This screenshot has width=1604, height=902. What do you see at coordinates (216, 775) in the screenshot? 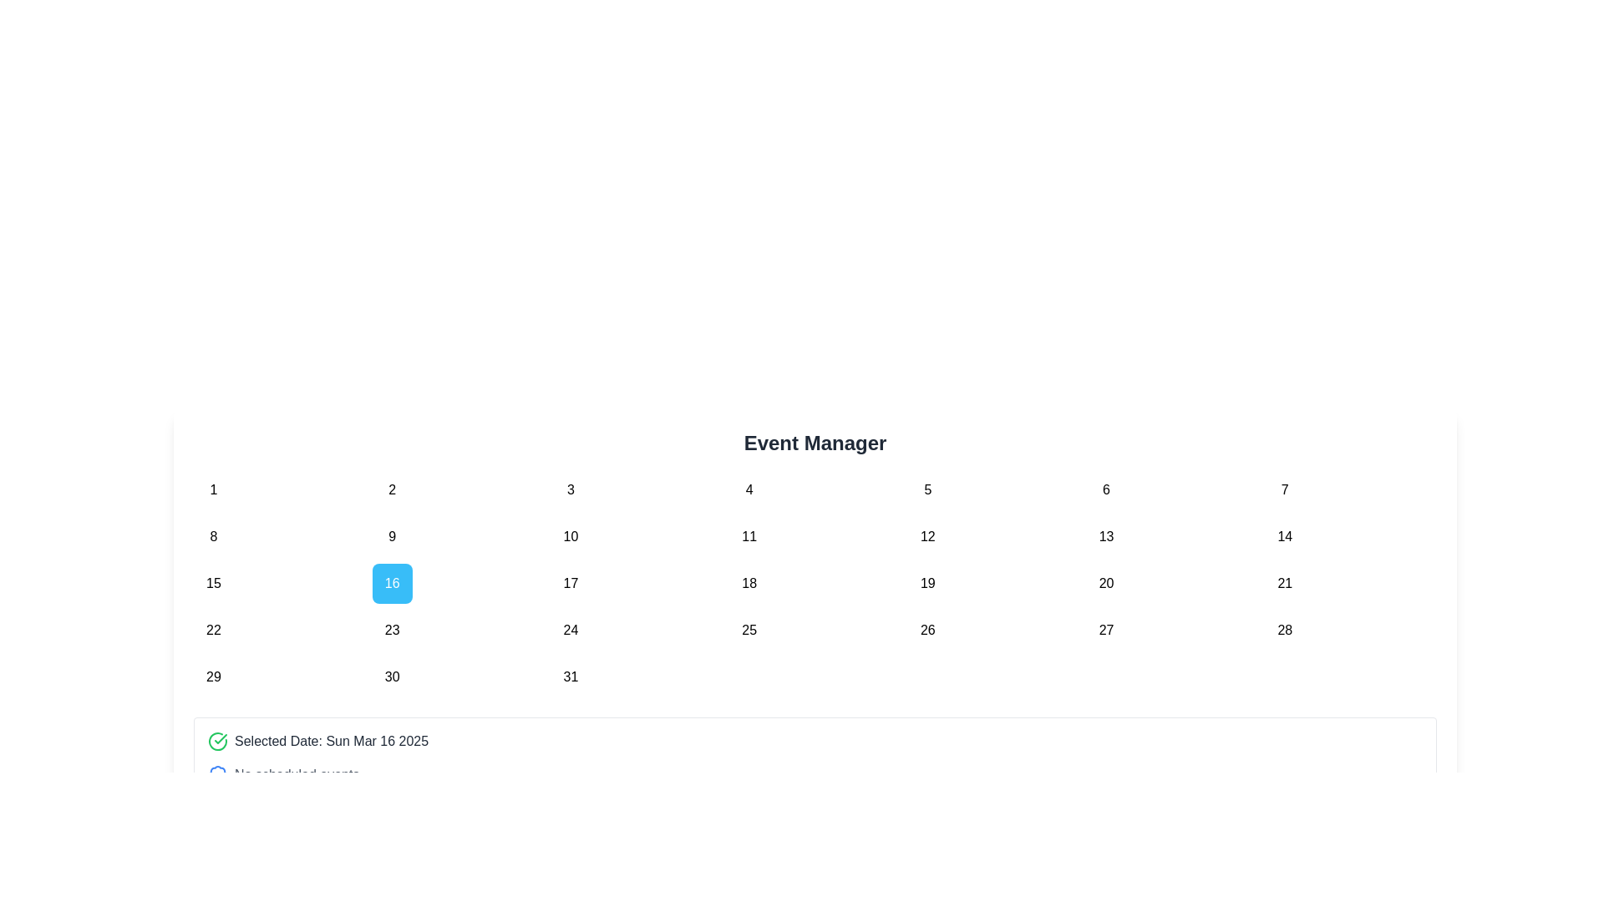
I see `the icon indicating no scheduled events, which is located at the bottom-left corner of the layout, directly before the text 'No scheduled events.'` at bounding box center [216, 775].